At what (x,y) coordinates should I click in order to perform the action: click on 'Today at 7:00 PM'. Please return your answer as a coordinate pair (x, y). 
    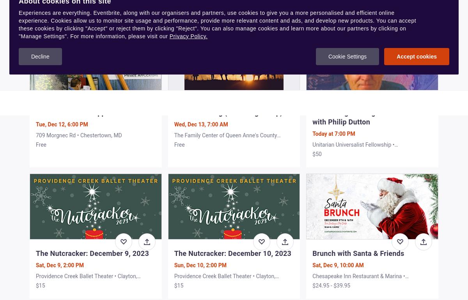
    Looking at the image, I should click on (333, 133).